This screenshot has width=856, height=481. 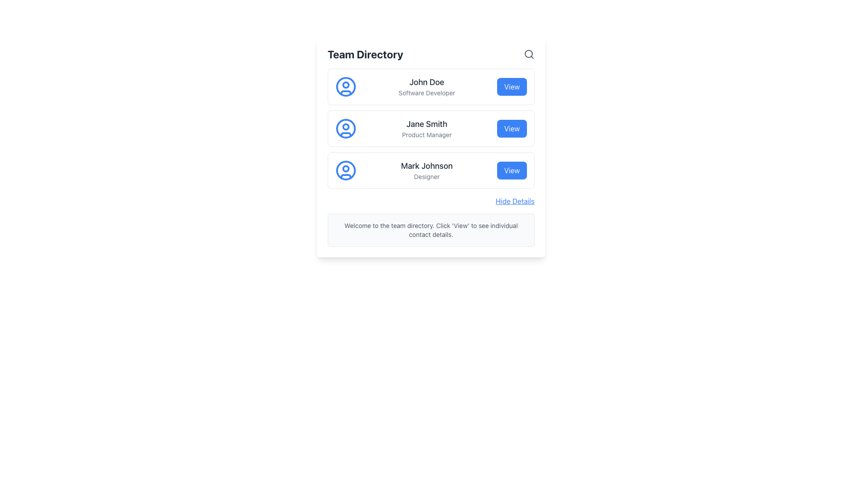 I want to click on displayed information on the Profile Card for 'Jane Smith', which includes the name in bold and the title 'Product Manager', so click(x=431, y=129).